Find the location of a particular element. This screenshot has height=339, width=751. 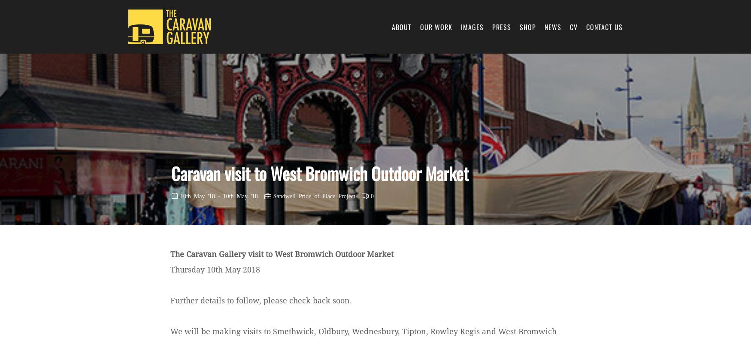

'10th May '18 - 10th May '18' is located at coordinates (179, 195).